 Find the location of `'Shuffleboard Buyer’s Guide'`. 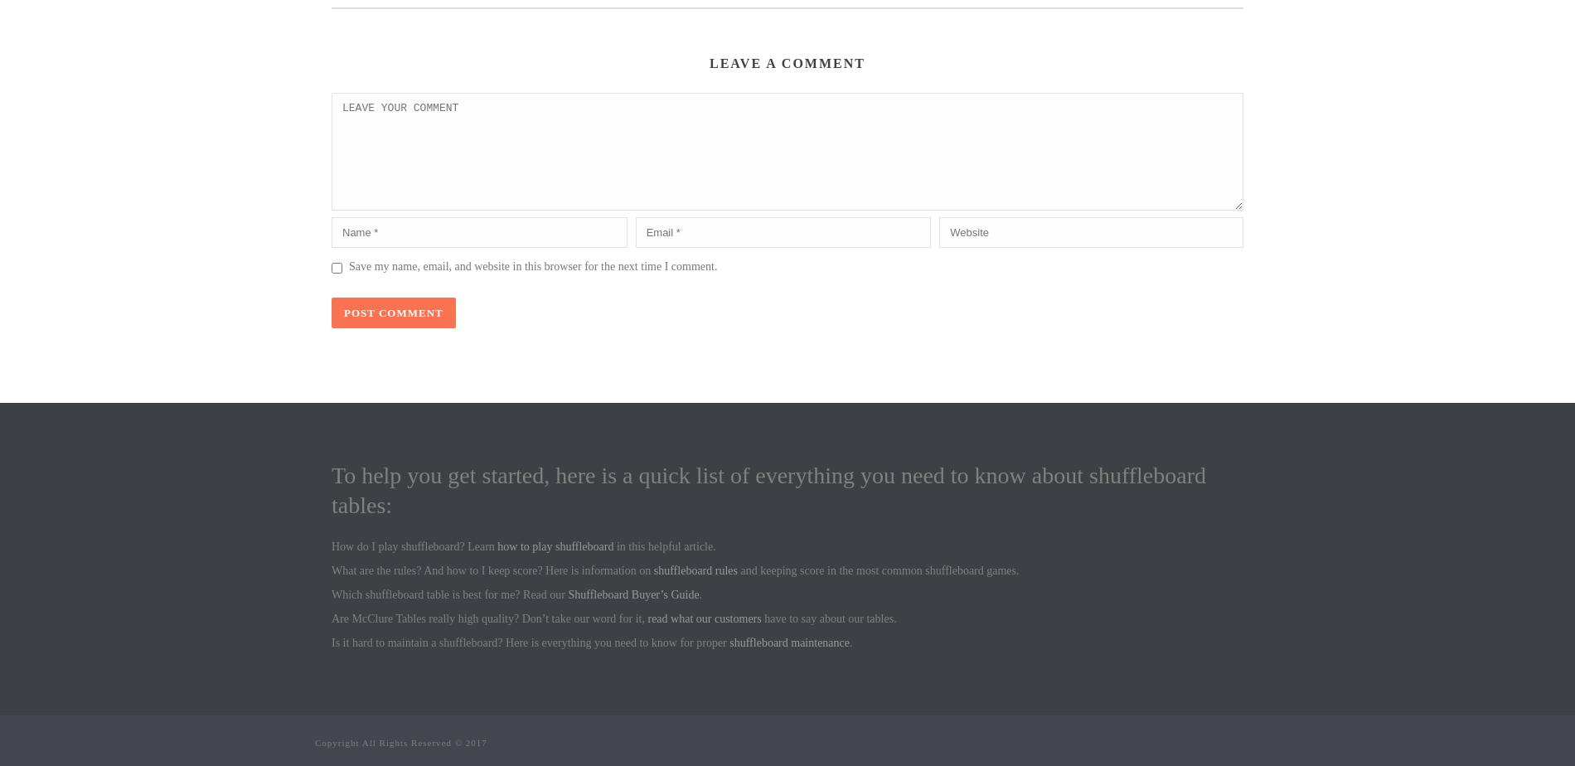

'Shuffleboard Buyer’s Guide' is located at coordinates (567, 594).